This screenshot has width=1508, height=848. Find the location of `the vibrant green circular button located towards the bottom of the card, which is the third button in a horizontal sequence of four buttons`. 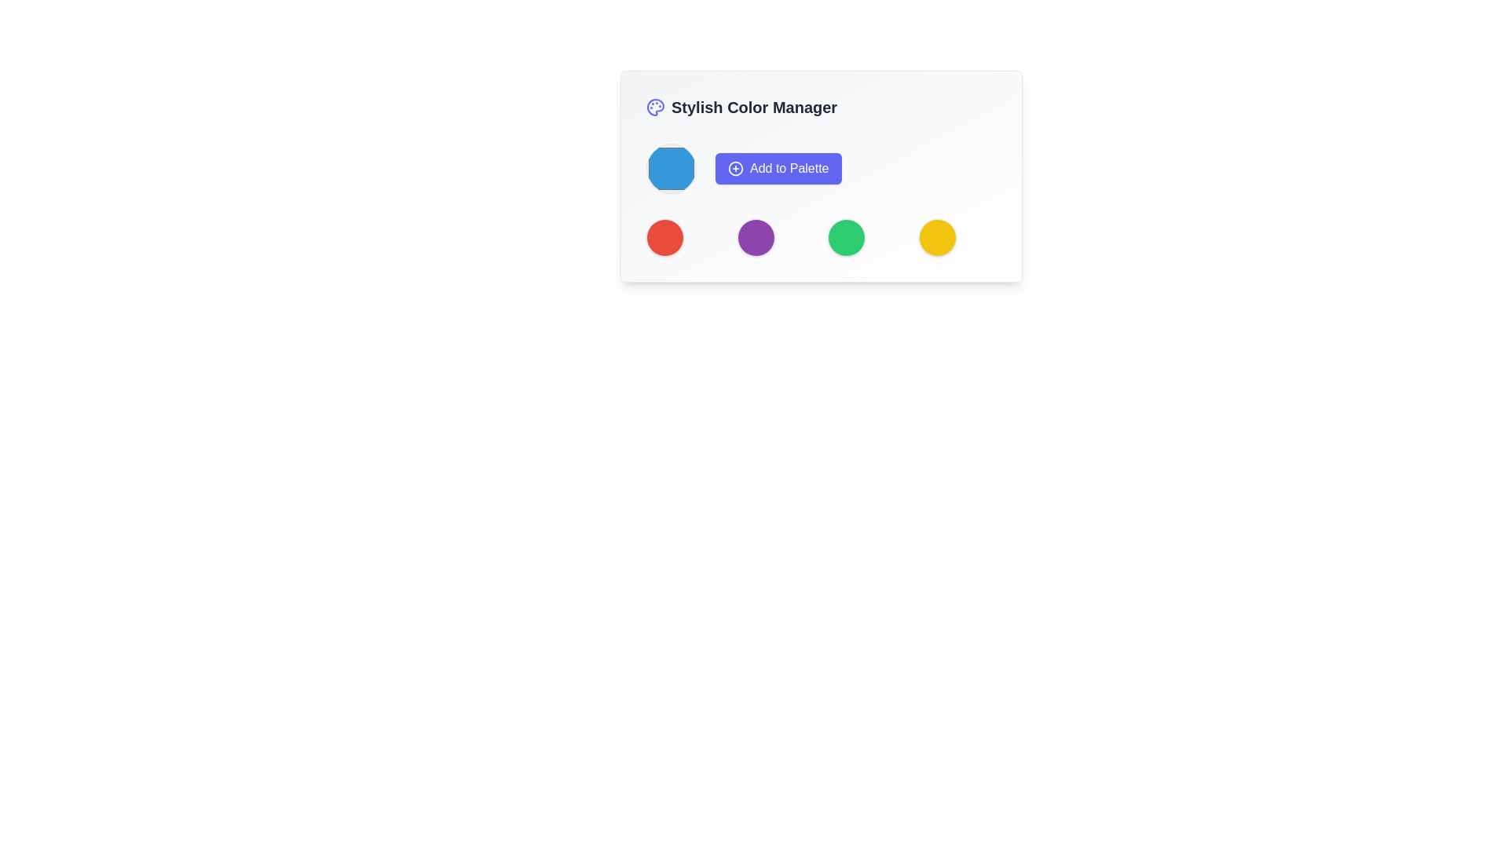

the vibrant green circular button located towards the bottom of the card, which is the third button in a horizontal sequence of four buttons is located at coordinates (846, 238).